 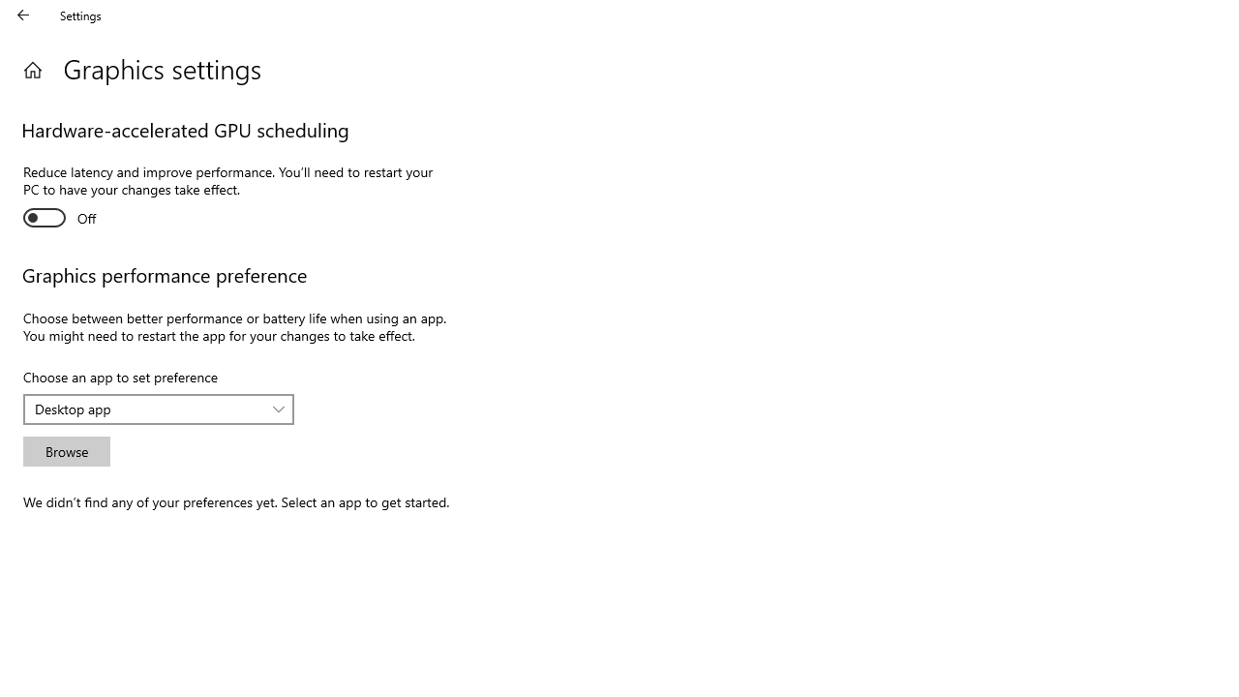 I want to click on 'Browse', so click(x=67, y=451).